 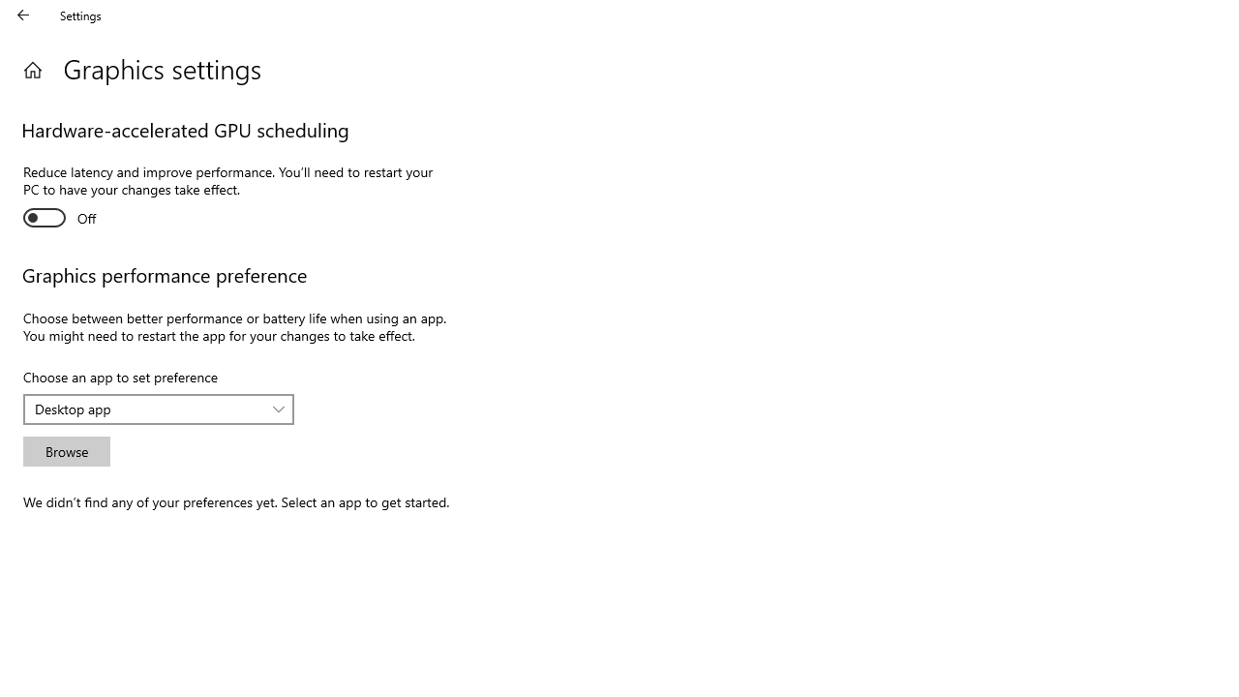 I want to click on 'Browse', so click(x=67, y=451).